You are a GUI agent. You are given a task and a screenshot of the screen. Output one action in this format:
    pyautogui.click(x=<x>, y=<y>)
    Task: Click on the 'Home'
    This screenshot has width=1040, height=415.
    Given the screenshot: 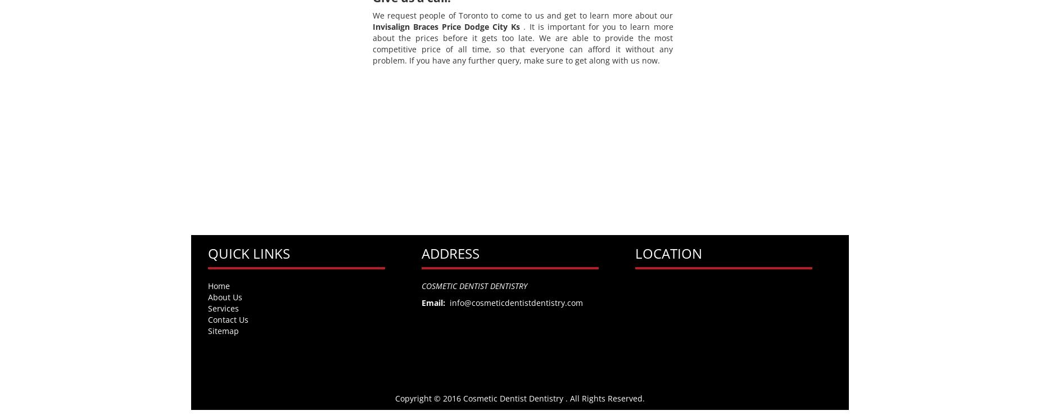 What is the action you would take?
    pyautogui.click(x=218, y=285)
    